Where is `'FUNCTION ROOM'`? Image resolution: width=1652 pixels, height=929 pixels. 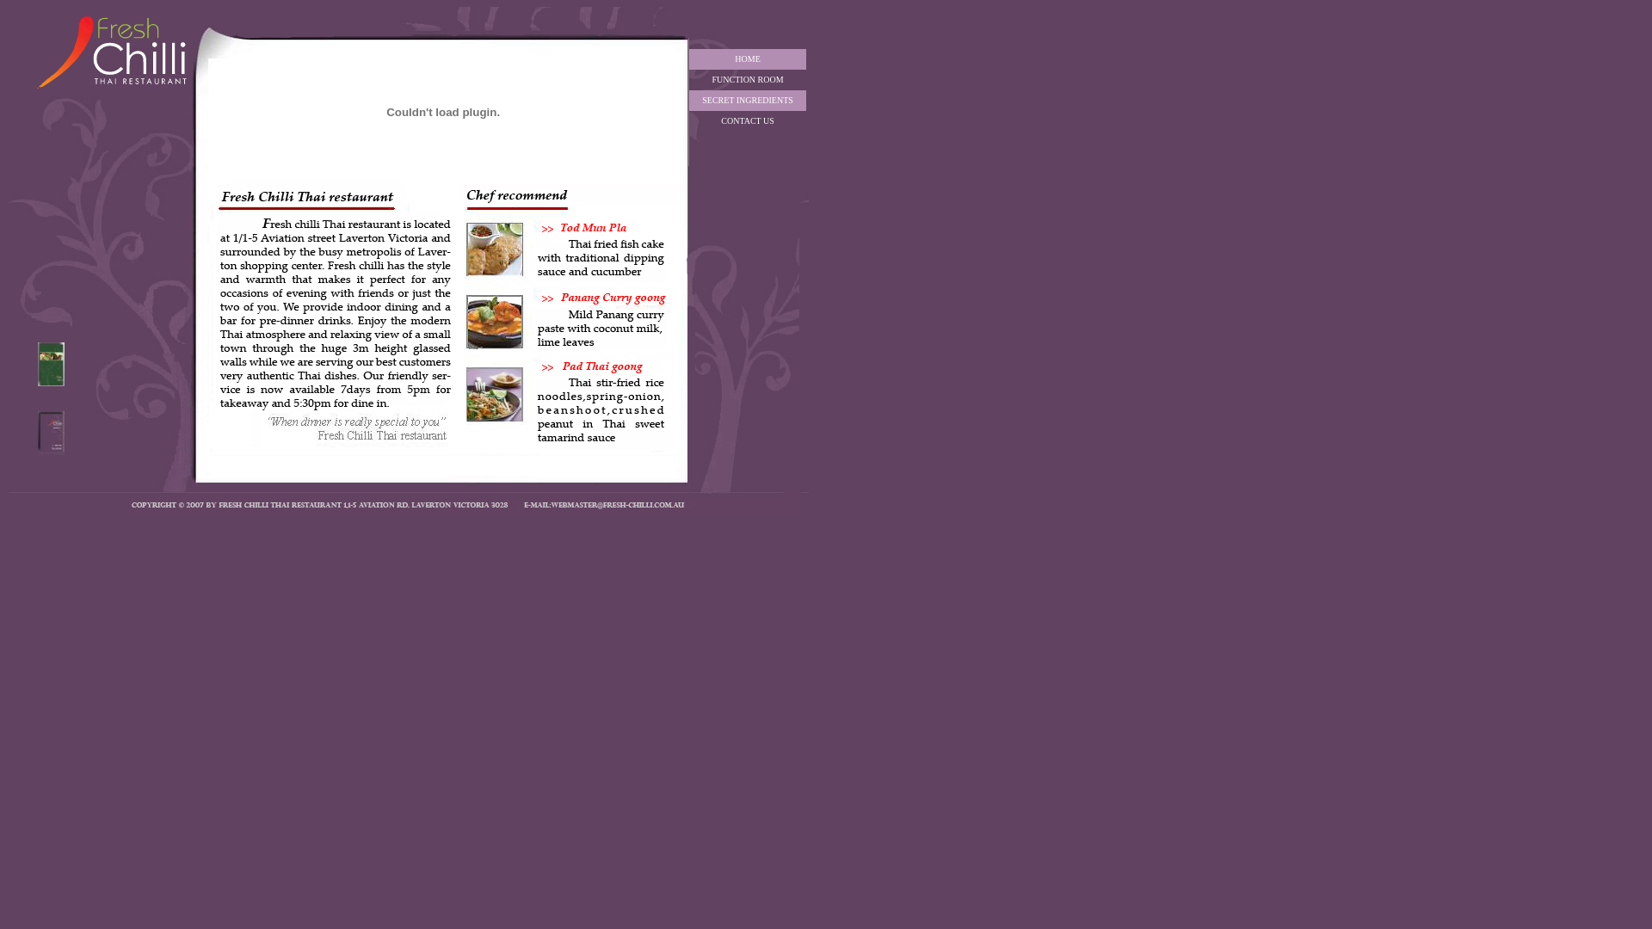 'FUNCTION ROOM' is located at coordinates (748, 77).